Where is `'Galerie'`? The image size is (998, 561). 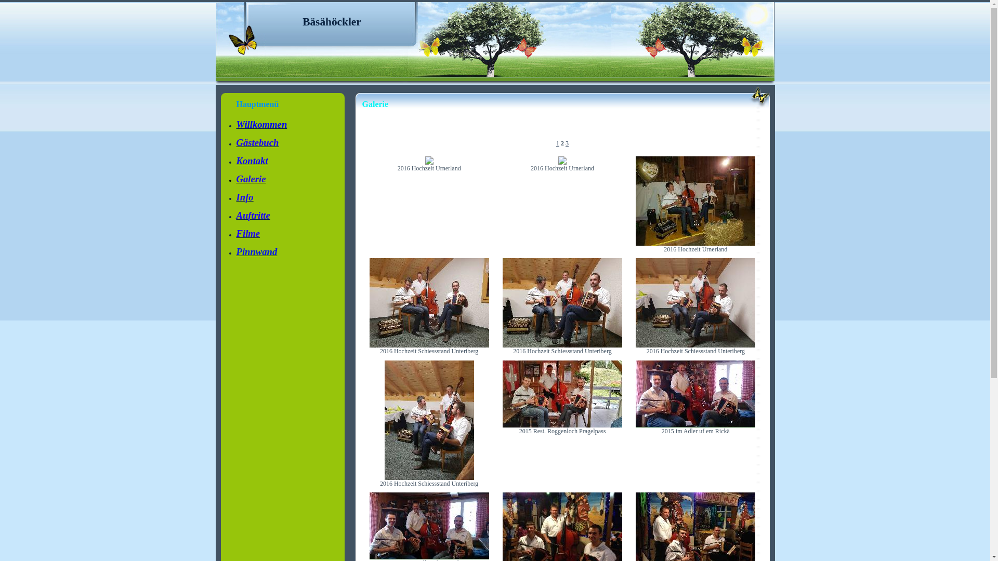 'Galerie' is located at coordinates (251, 180).